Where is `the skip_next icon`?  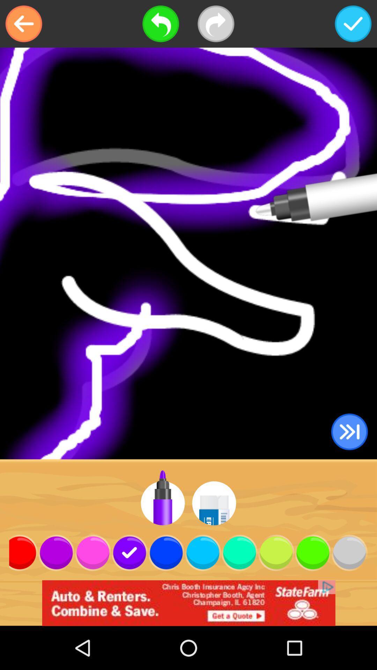 the skip_next icon is located at coordinates (349, 431).